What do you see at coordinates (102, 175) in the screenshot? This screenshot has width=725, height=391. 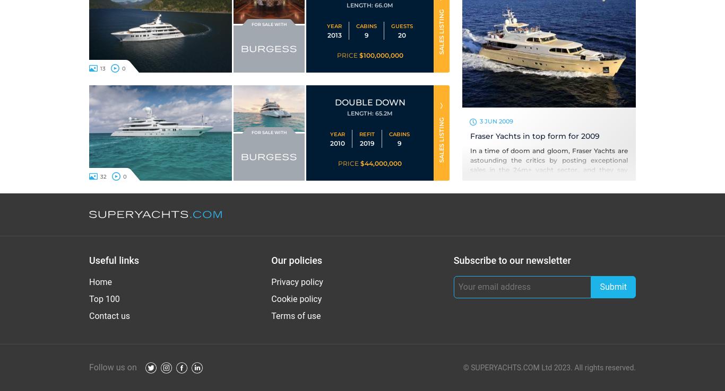 I see `'16'` at bounding box center [102, 175].